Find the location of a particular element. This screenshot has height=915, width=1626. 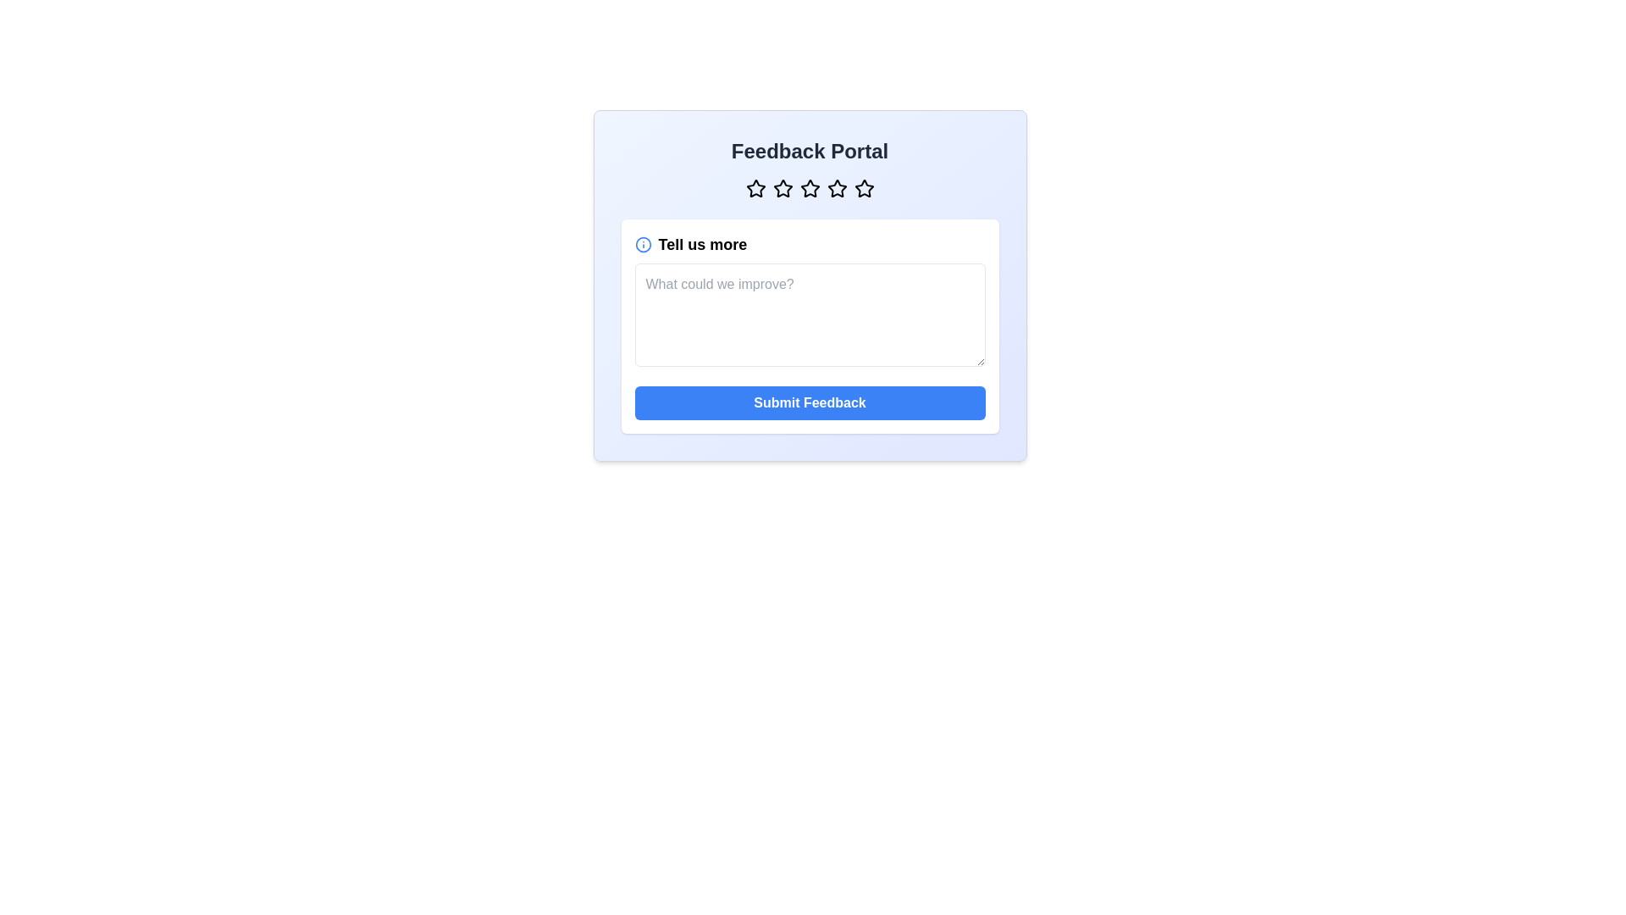

the highlighted third star in the rating component of the feedback form, which has a black fill and a thin white border, located centrally below the 'Feedback Portal' title is located at coordinates (782, 188).